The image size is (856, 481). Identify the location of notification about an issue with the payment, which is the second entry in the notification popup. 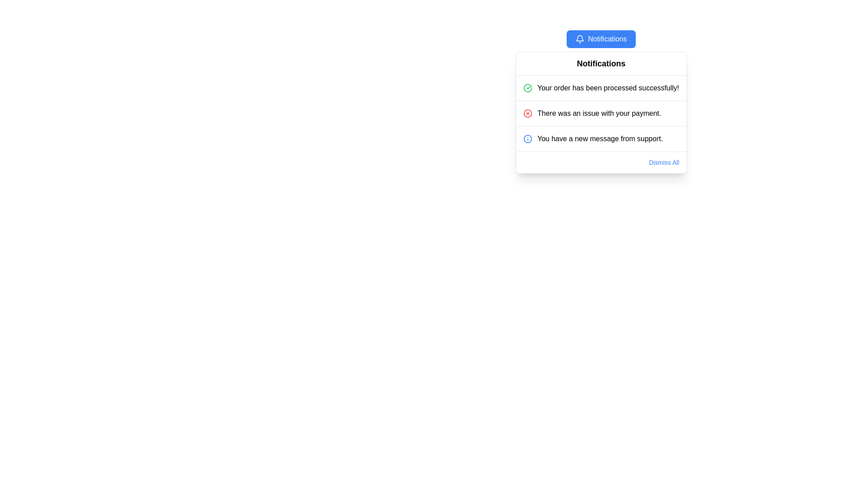
(601, 113).